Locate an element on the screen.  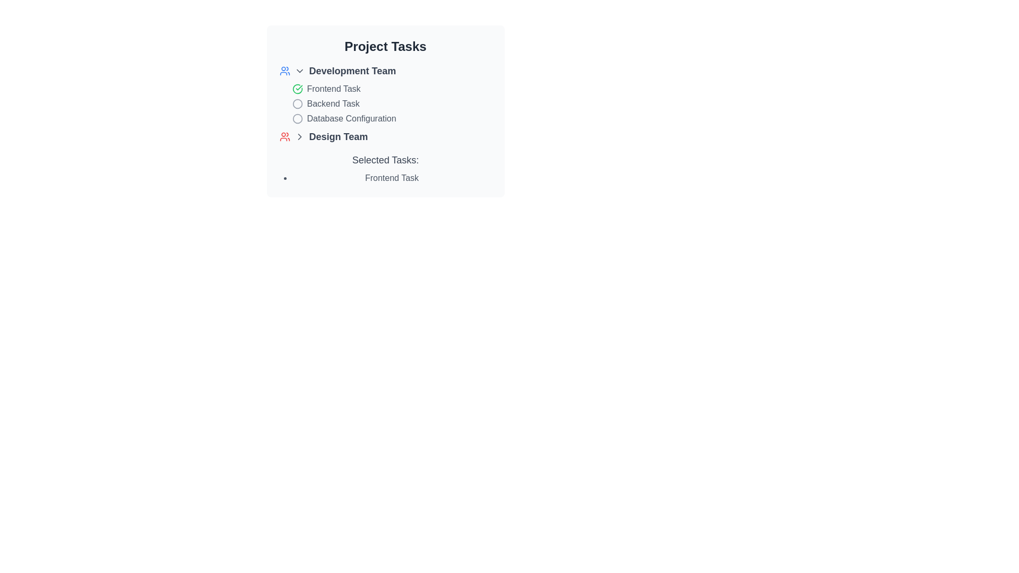
the icon representing the 'Development Team' section, located at the top-left corner of the section before the dropdown arrow icon and the team name text is located at coordinates (284, 71).